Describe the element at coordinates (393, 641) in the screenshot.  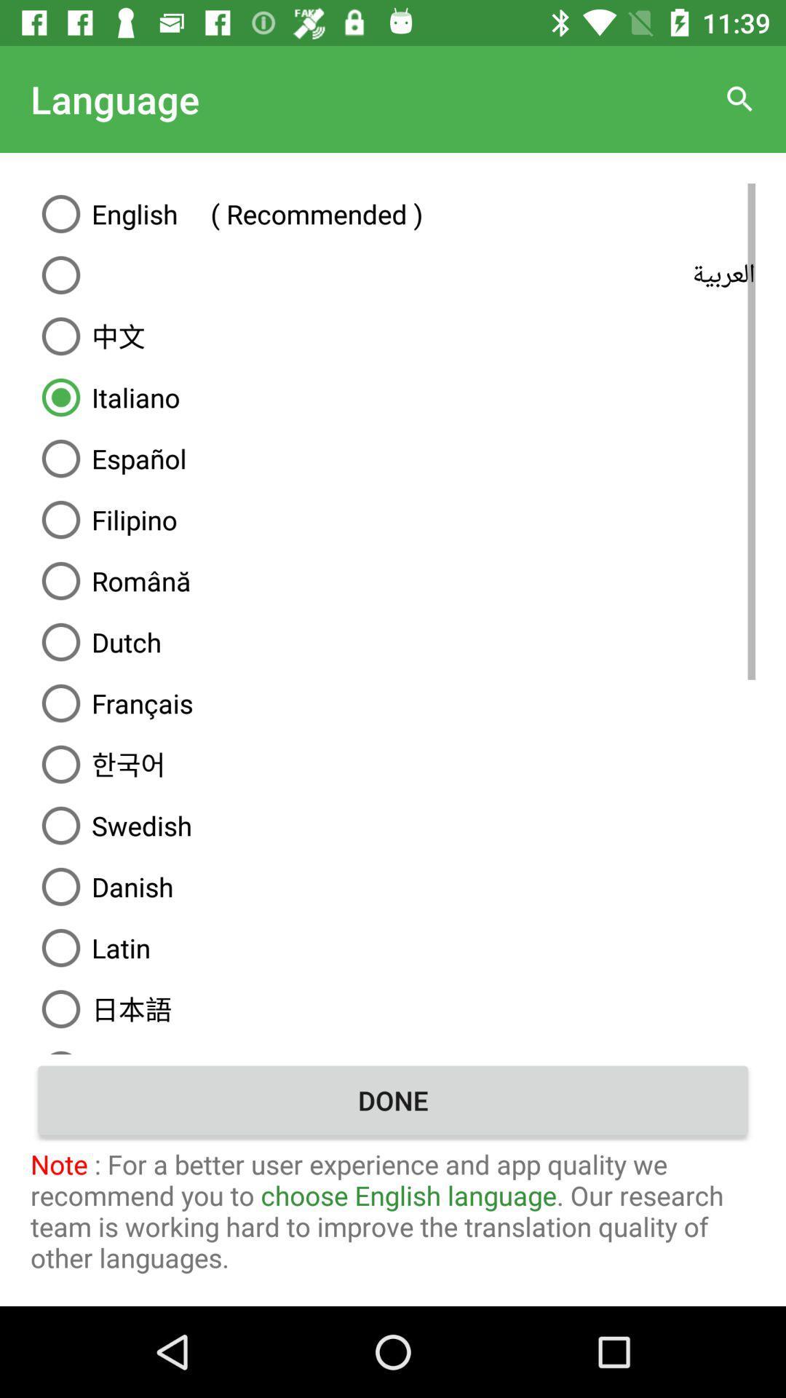
I see `dutch item` at that location.